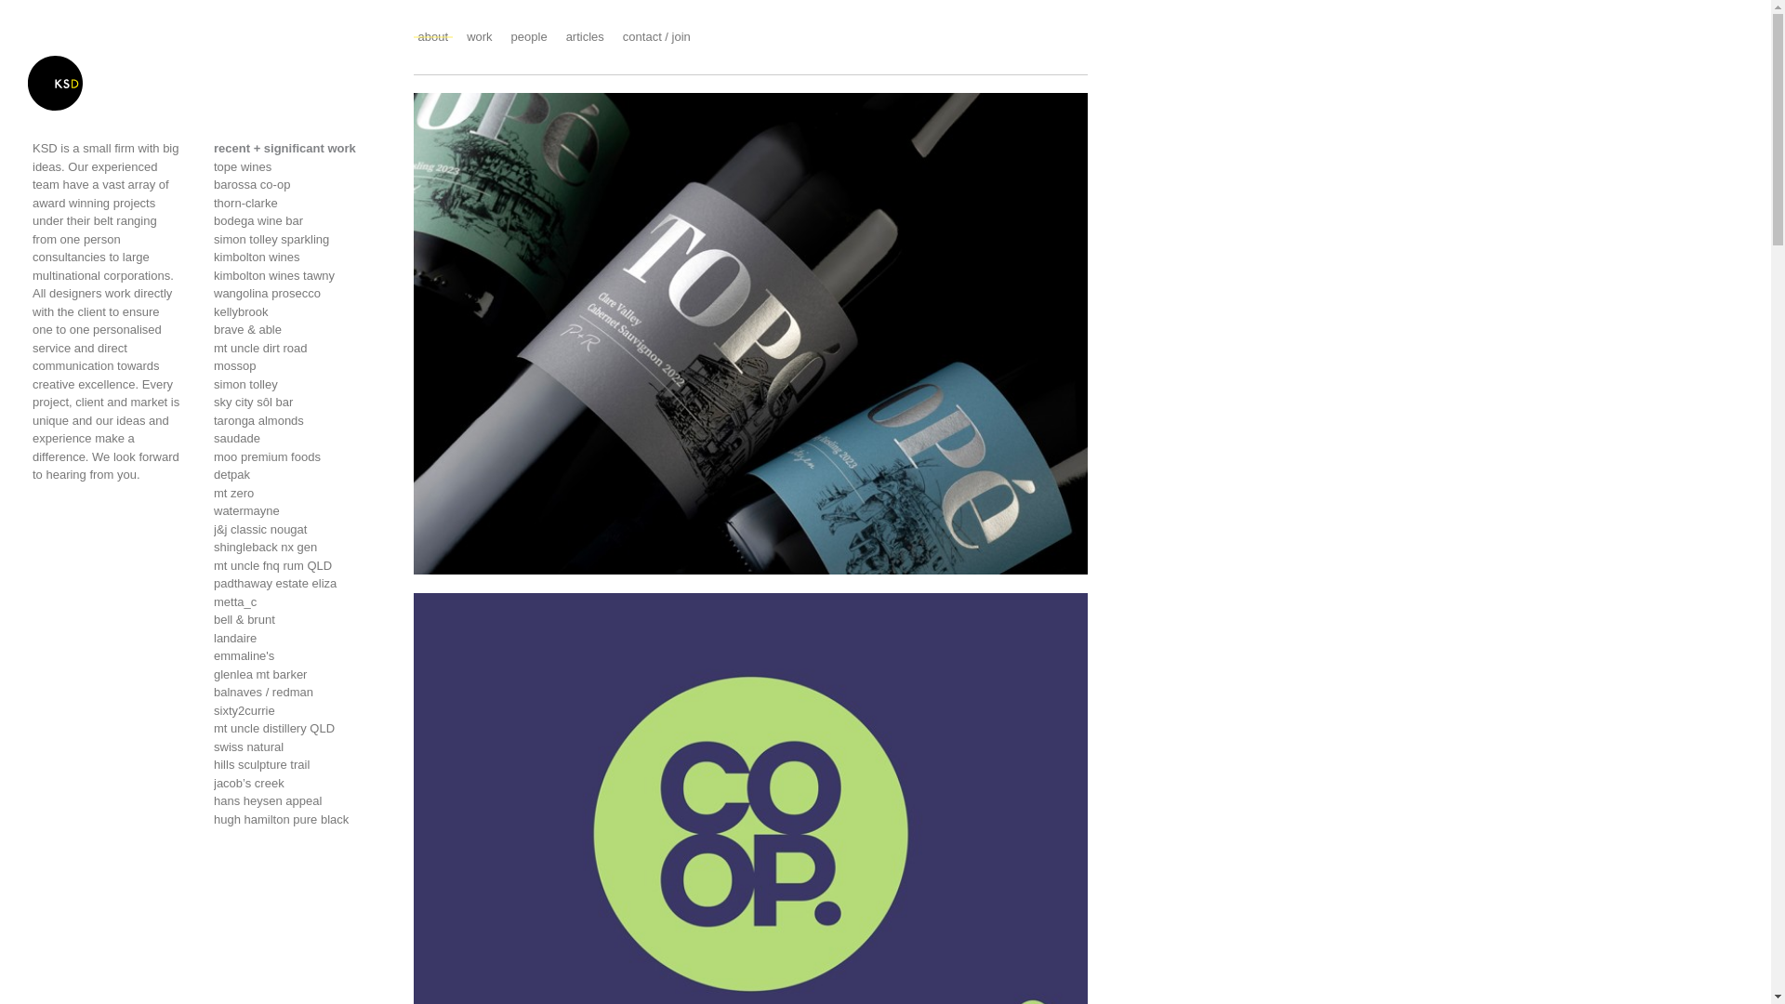  Describe the element at coordinates (432, 36) in the screenshot. I see `'about'` at that location.